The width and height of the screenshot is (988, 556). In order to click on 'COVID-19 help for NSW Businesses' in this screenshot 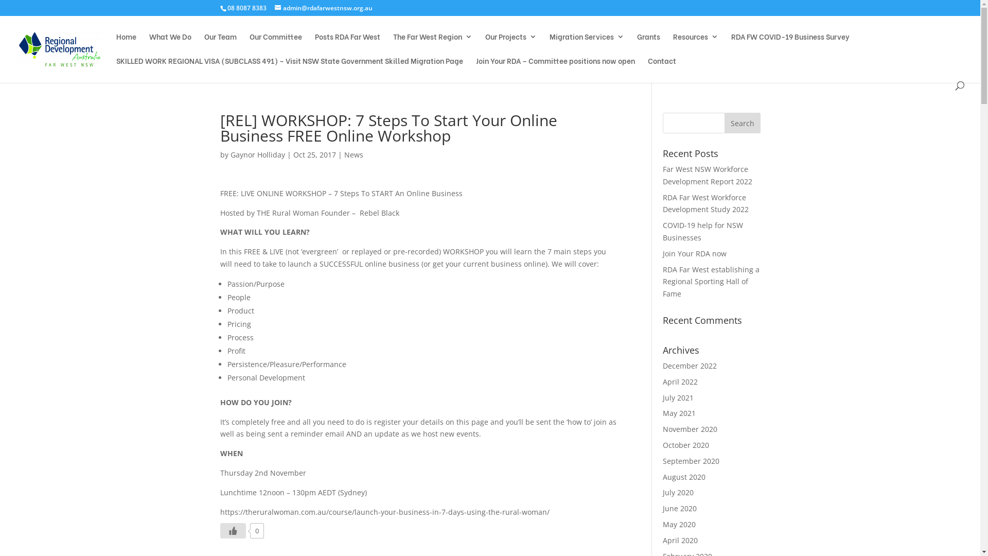, I will do `click(702, 231)`.